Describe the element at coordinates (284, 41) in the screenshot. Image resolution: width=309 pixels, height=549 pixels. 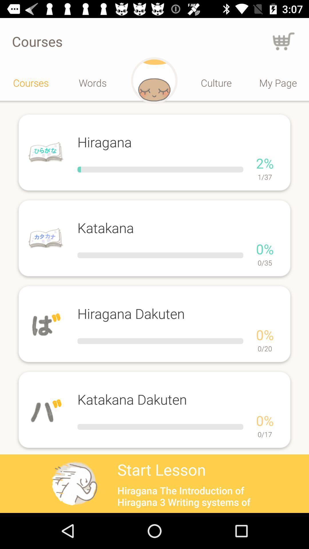
I see `go back` at that location.